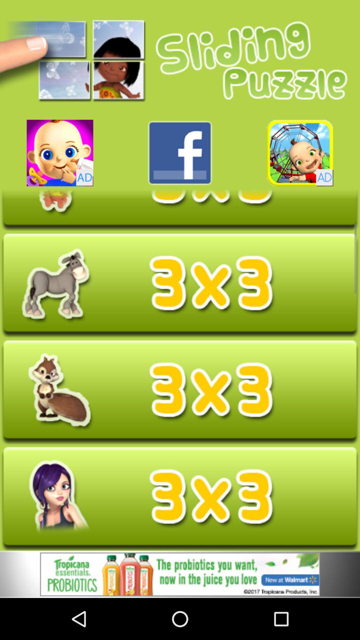 This screenshot has height=640, width=360. I want to click on advertisement page, so click(180, 499).